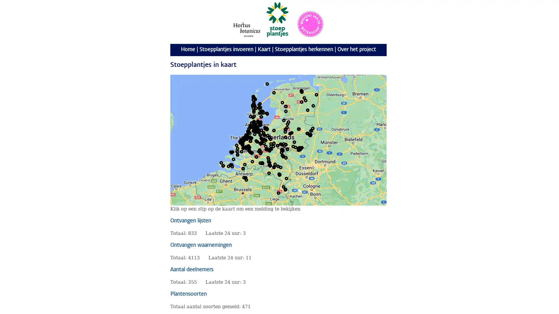 Image resolution: width=559 pixels, height=314 pixels. Describe the element at coordinates (238, 154) in the screenshot. I see `Telling van Leonardo op 31 mei 2022` at that location.